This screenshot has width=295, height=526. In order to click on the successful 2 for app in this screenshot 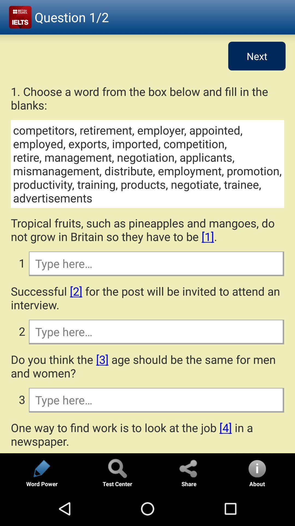, I will do `click(147, 298)`.